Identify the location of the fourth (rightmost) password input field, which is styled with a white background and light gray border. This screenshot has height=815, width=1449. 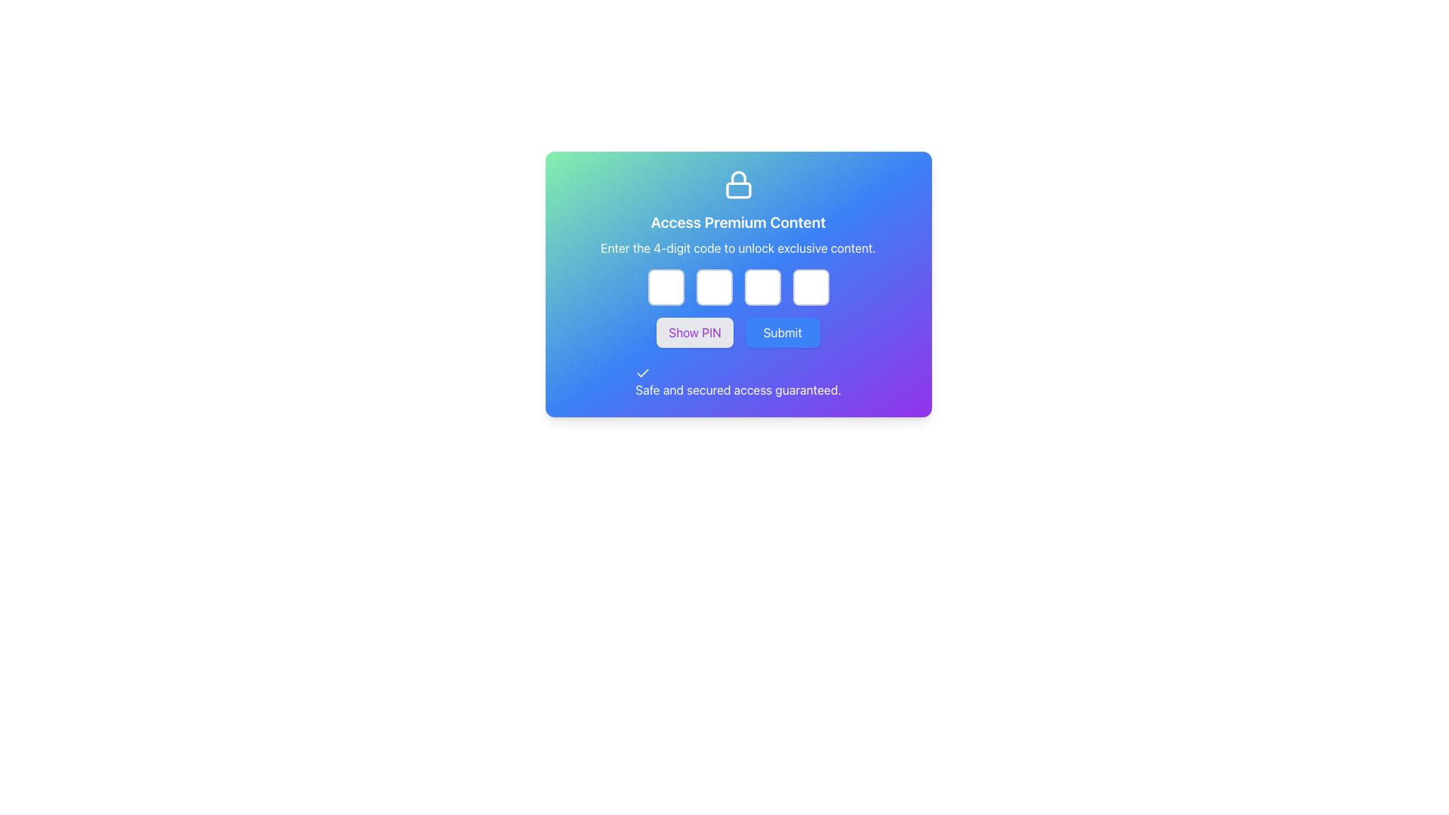
(810, 288).